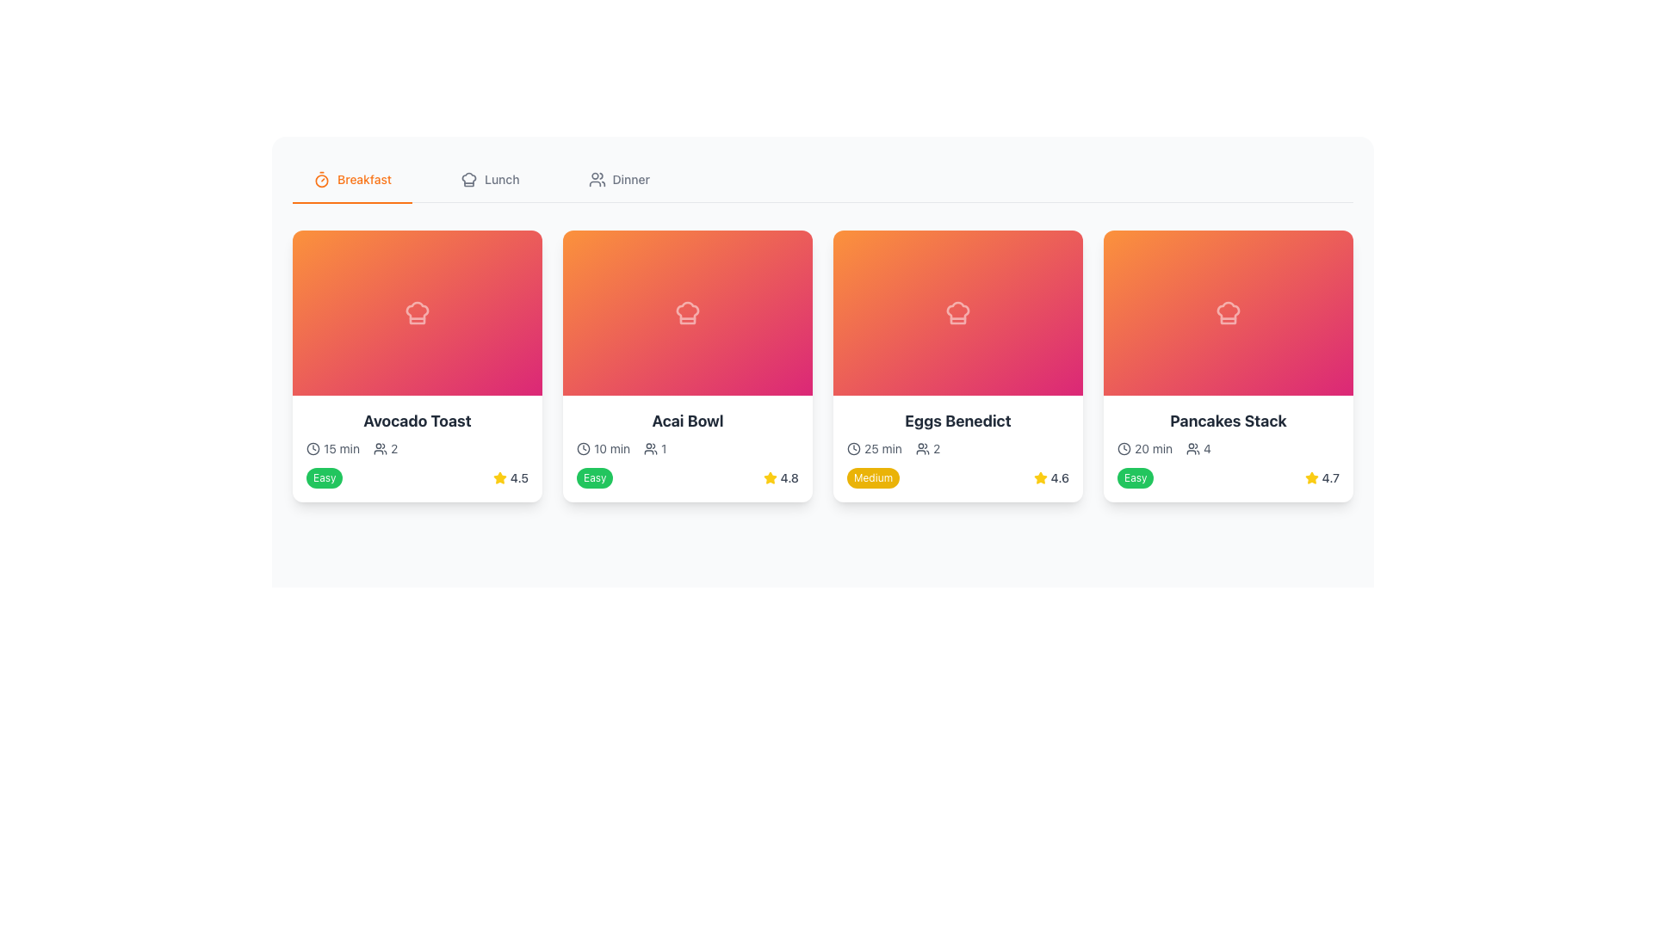  What do you see at coordinates (322, 179) in the screenshot?
I see `the decorative SVG icon representing the 'Breakfast' navigation tab` at bounding box center [322, 179].